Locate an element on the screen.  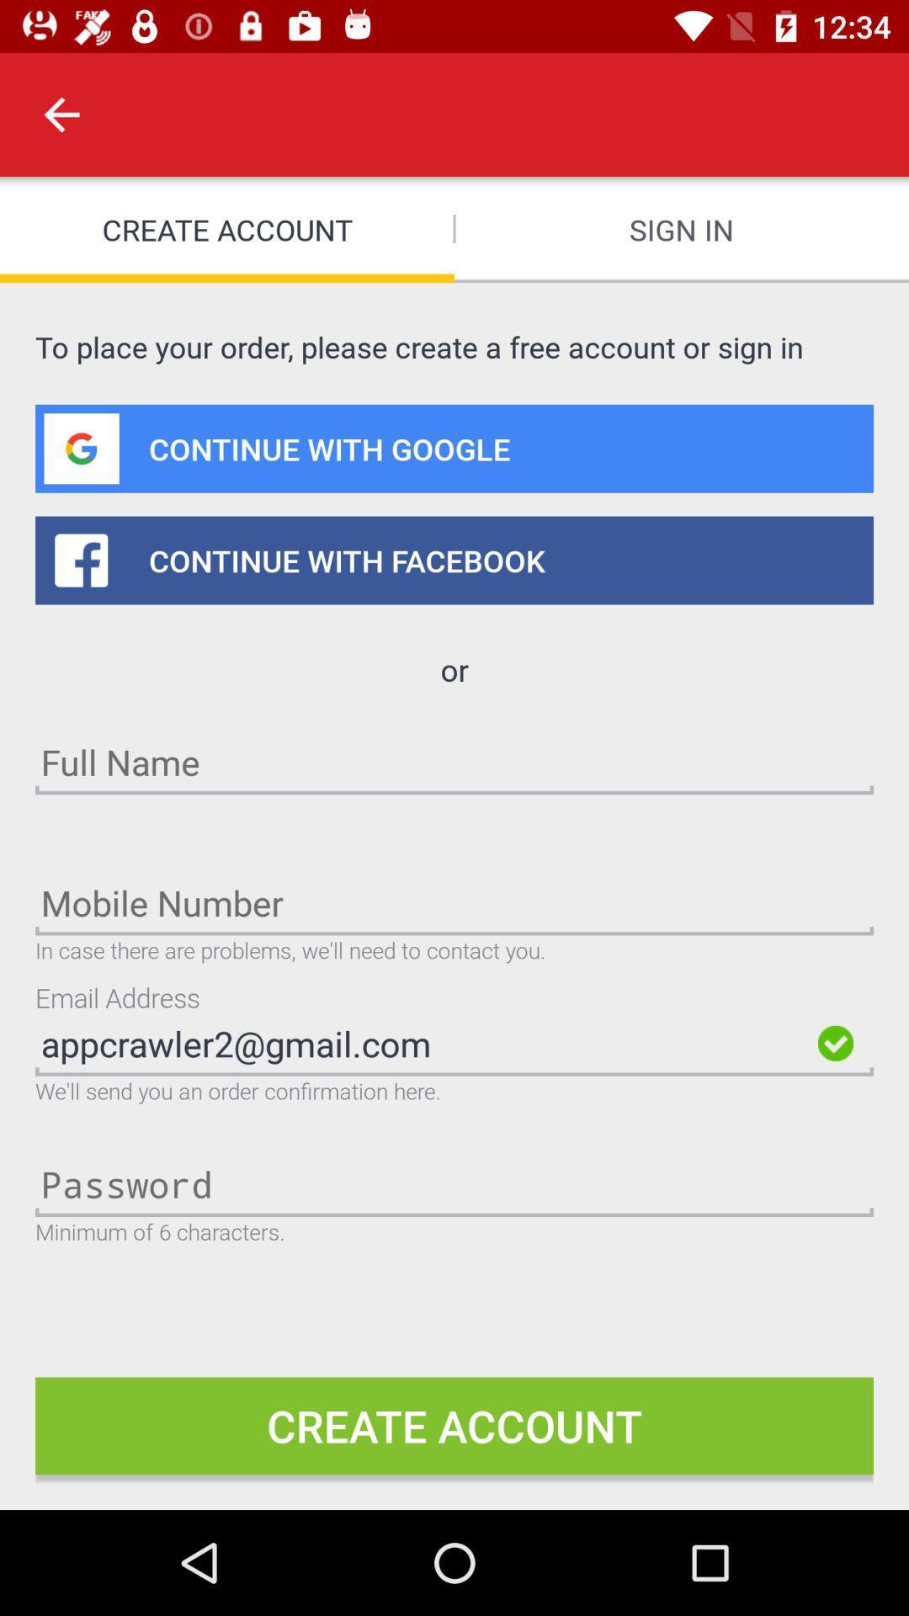
icon above create account is located at coordinates (61, 114).